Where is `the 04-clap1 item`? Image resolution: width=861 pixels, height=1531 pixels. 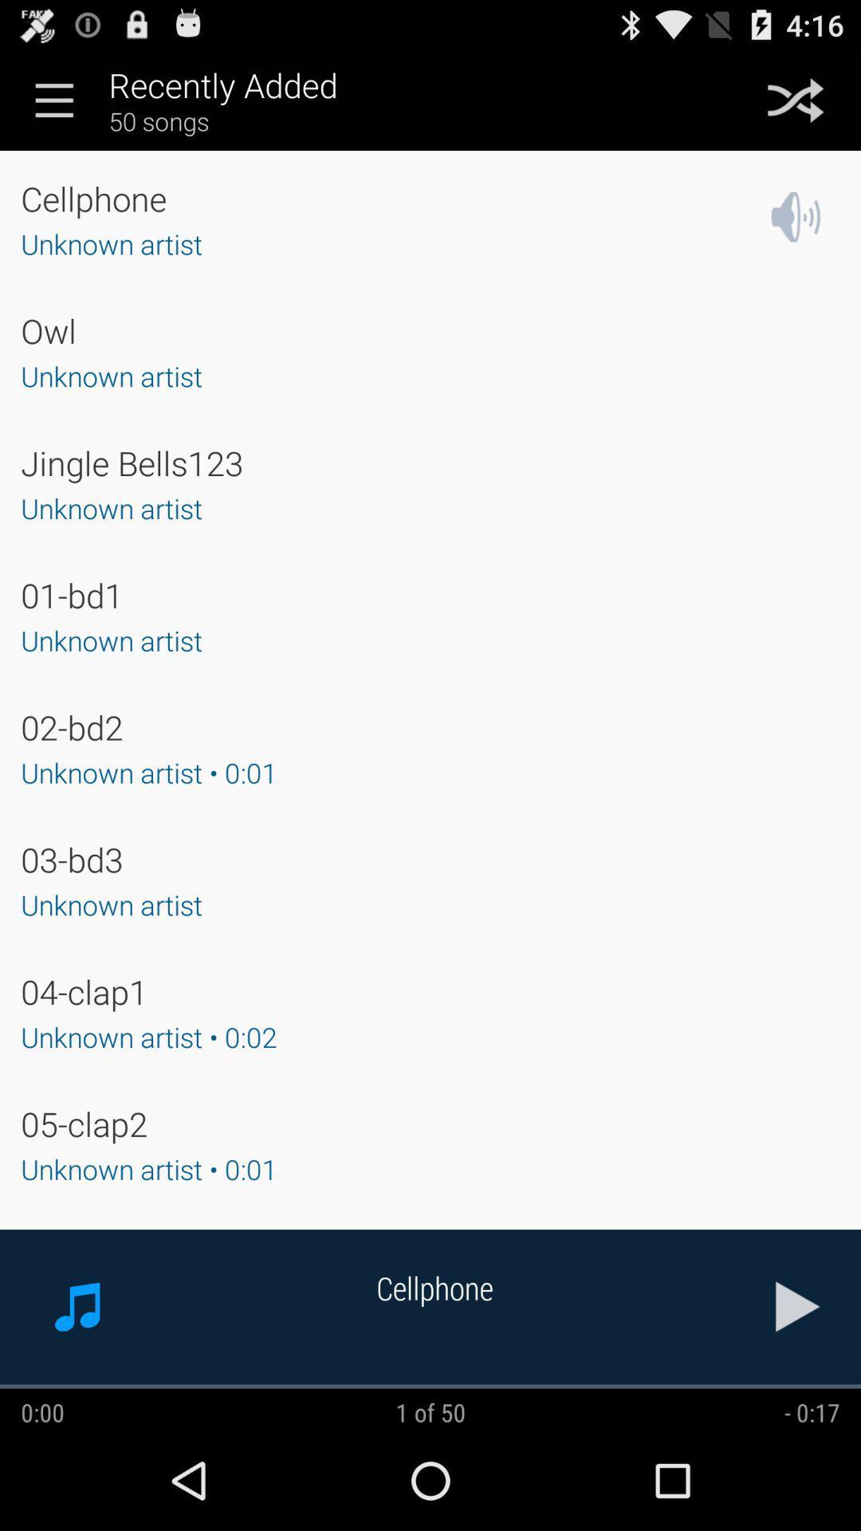 the 04-clap1 item is located at coordinates (84, 990).